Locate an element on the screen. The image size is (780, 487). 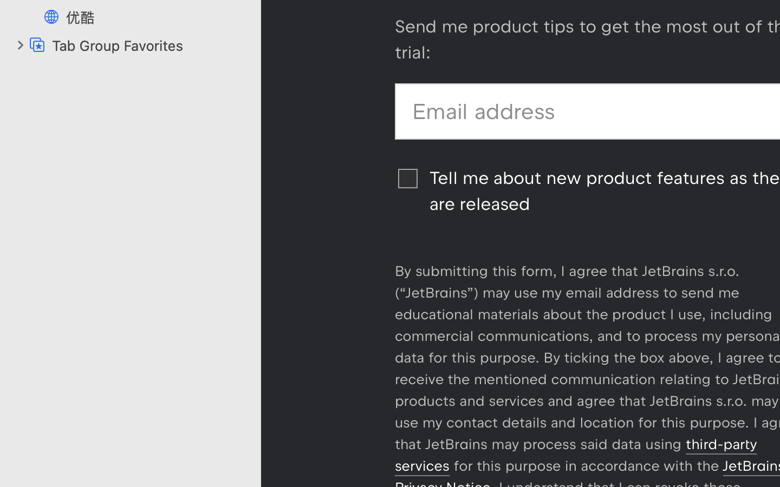
'Tab Group Favorites' is located at coordinates (150, 44).